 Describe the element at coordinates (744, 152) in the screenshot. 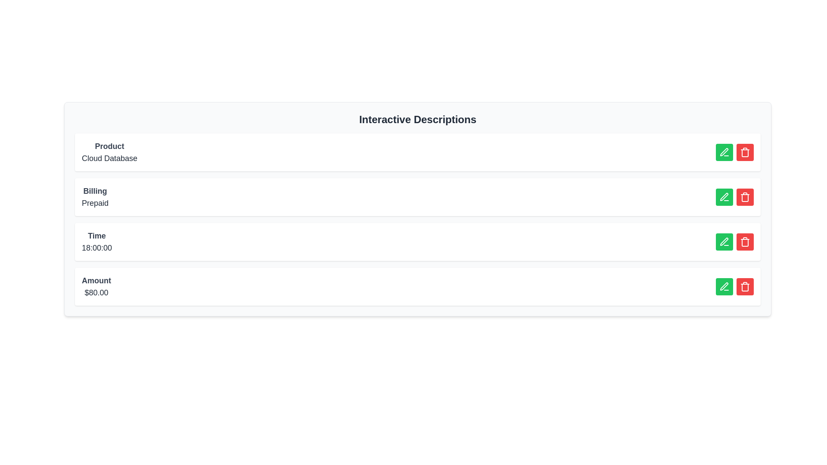

I see `the 'Delete' button located at the rightmost position in the row containing the 'Amount' label` at that location.